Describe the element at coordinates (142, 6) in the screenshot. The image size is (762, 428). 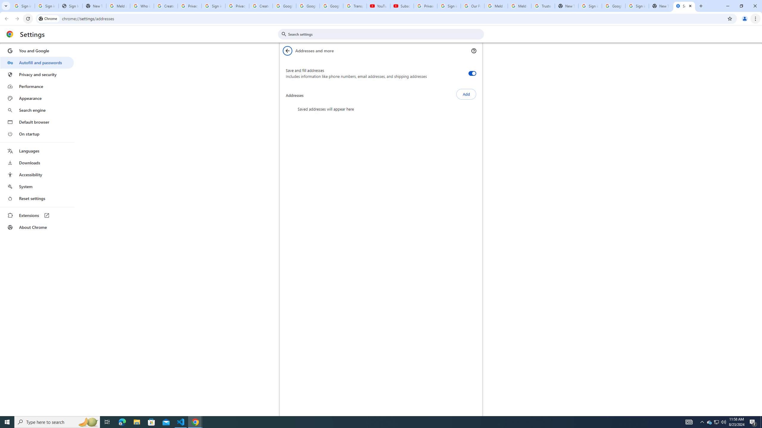
I see `'Who is my administrator? - Google Account Help'` at that location.